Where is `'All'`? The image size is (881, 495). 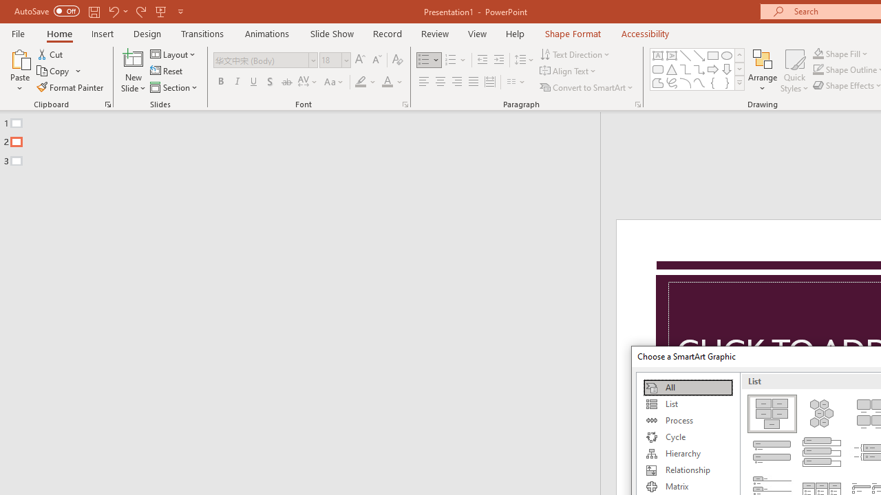 'All' is located at coordinates (688, 388).